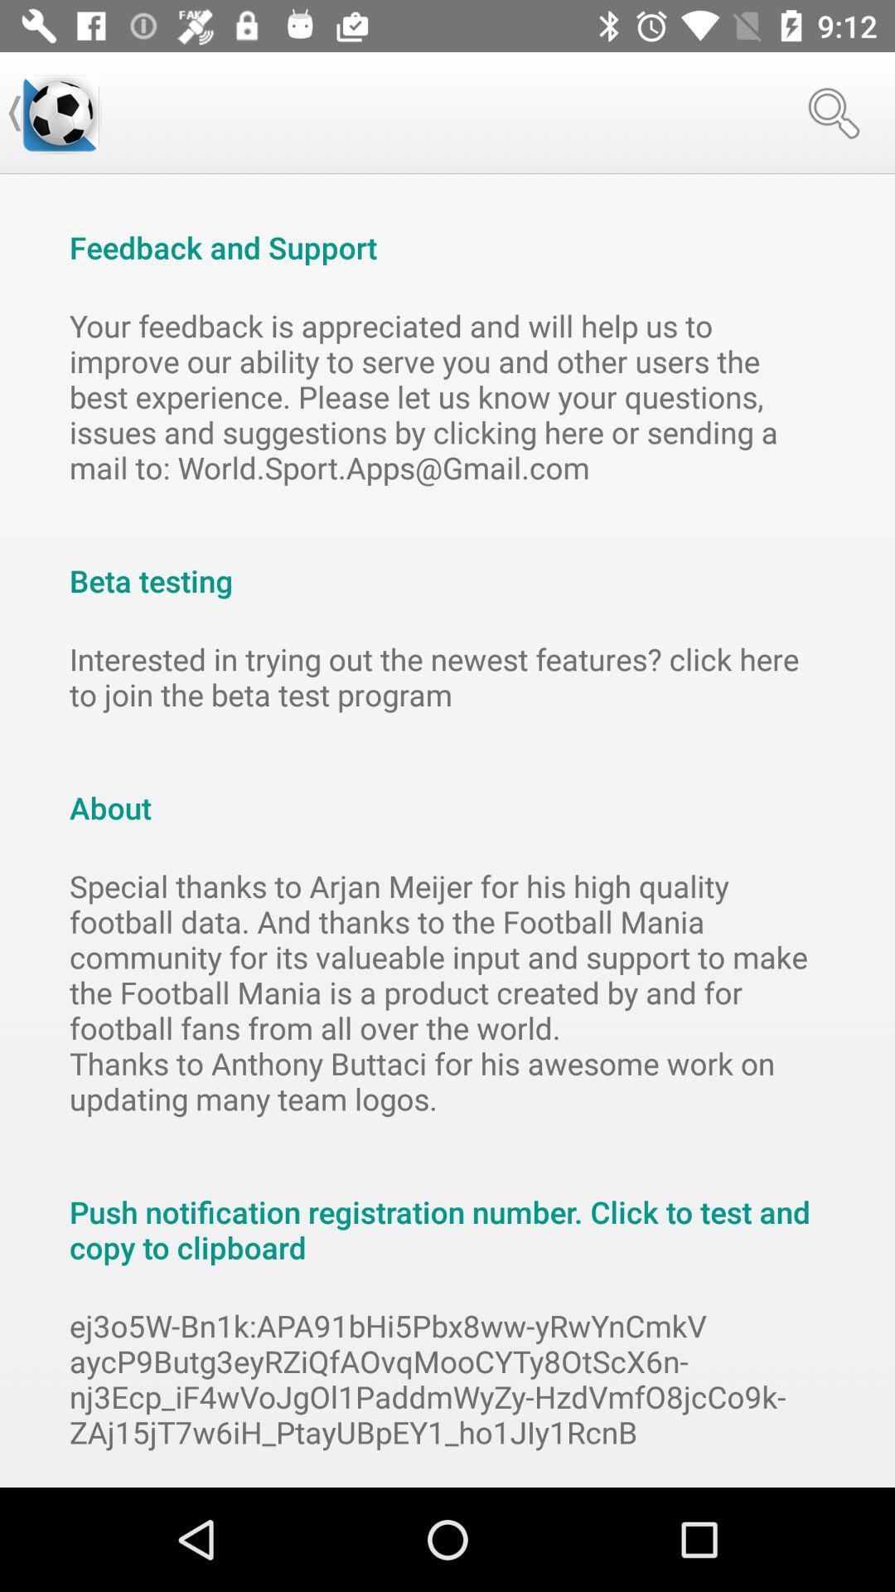 This screenshot has height=1592, width=895. What do you see at coordinates (60, 112) in the screenshot?
I see `item at the top left corner` at bounding box center [60, 112].